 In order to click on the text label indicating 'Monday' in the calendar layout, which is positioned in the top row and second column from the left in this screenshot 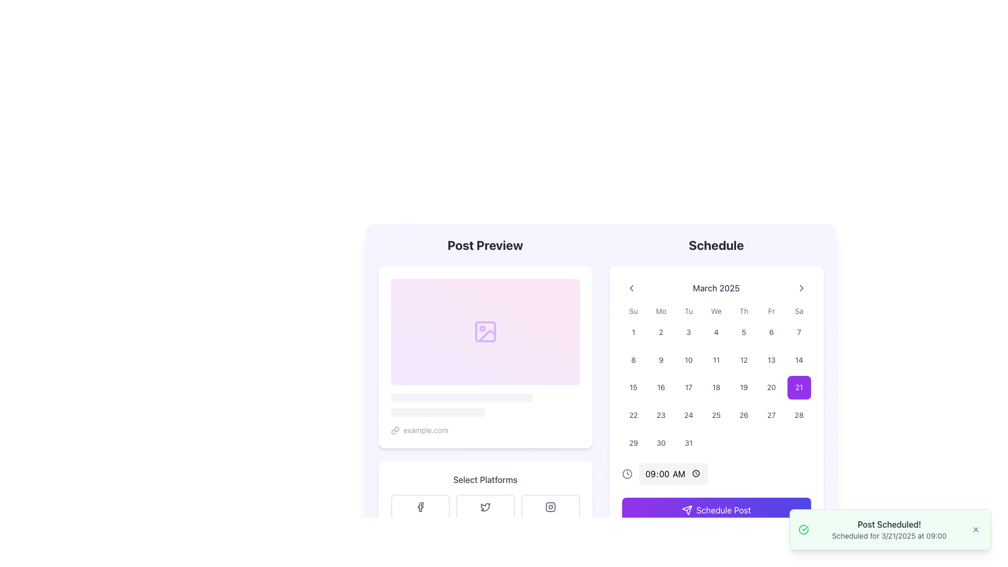, I will do `click(660, 311)`.